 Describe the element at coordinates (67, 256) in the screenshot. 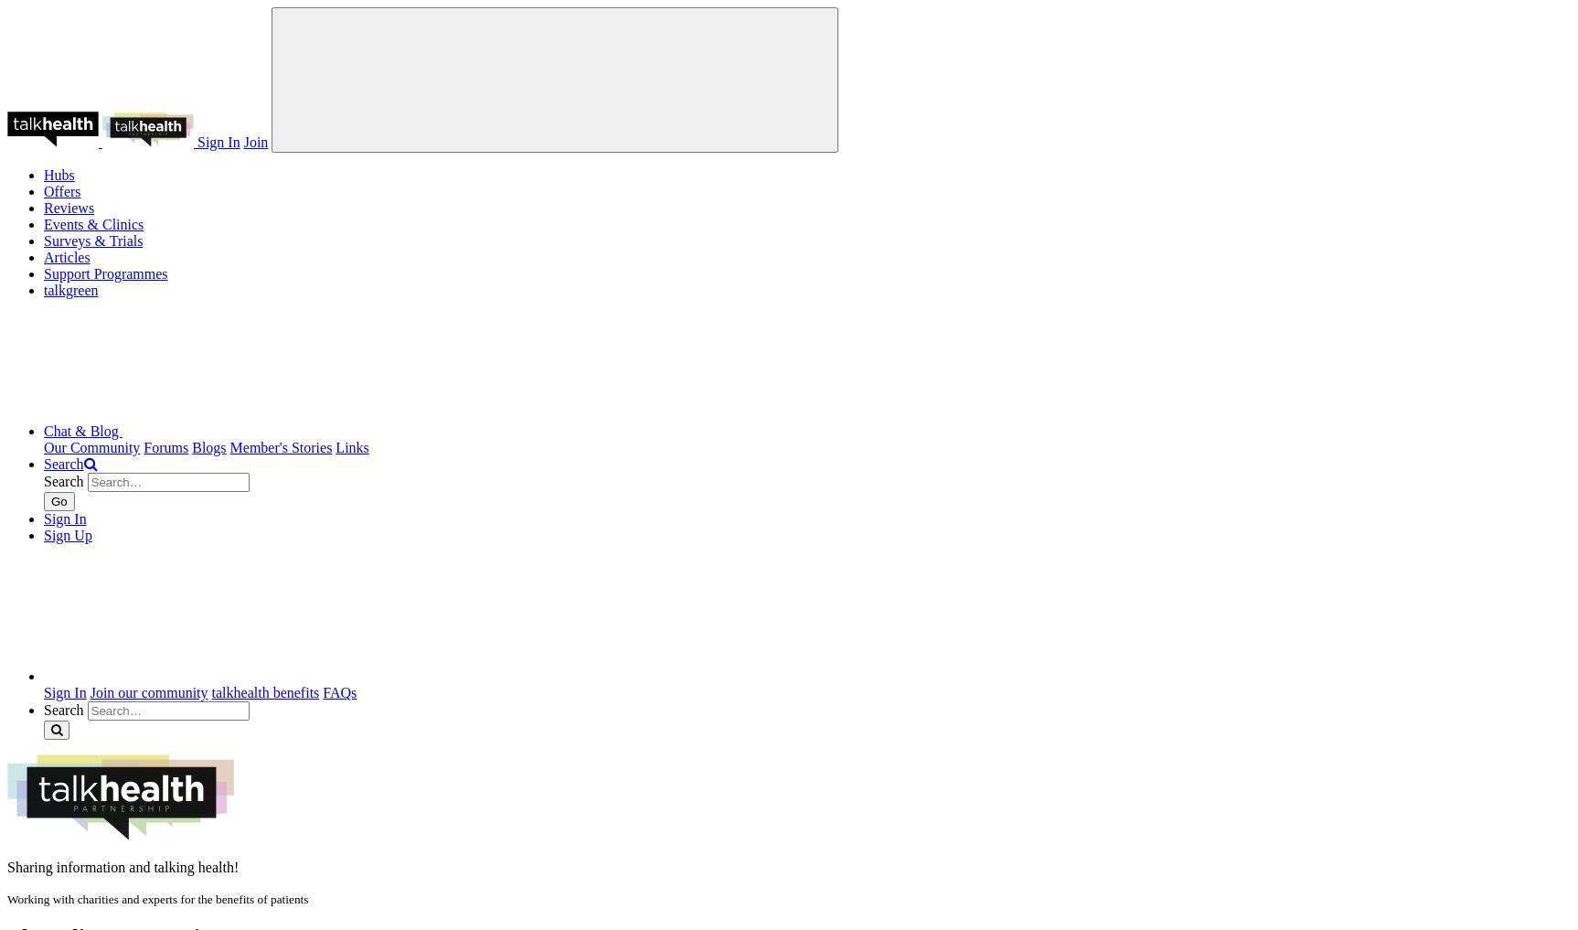

I see `'Articles'` at that location.